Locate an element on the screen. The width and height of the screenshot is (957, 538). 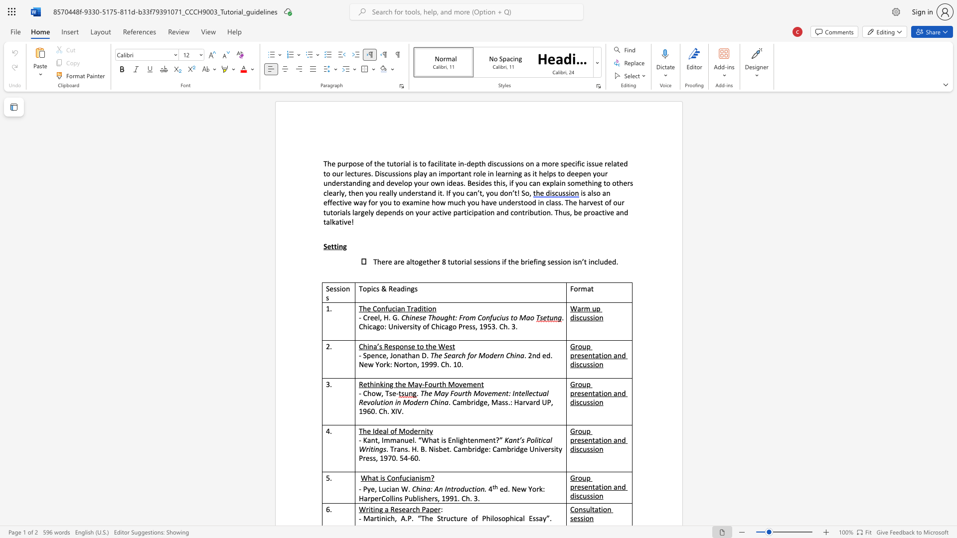
the 1th character "r" in the text is located at coordinates (359, 212).